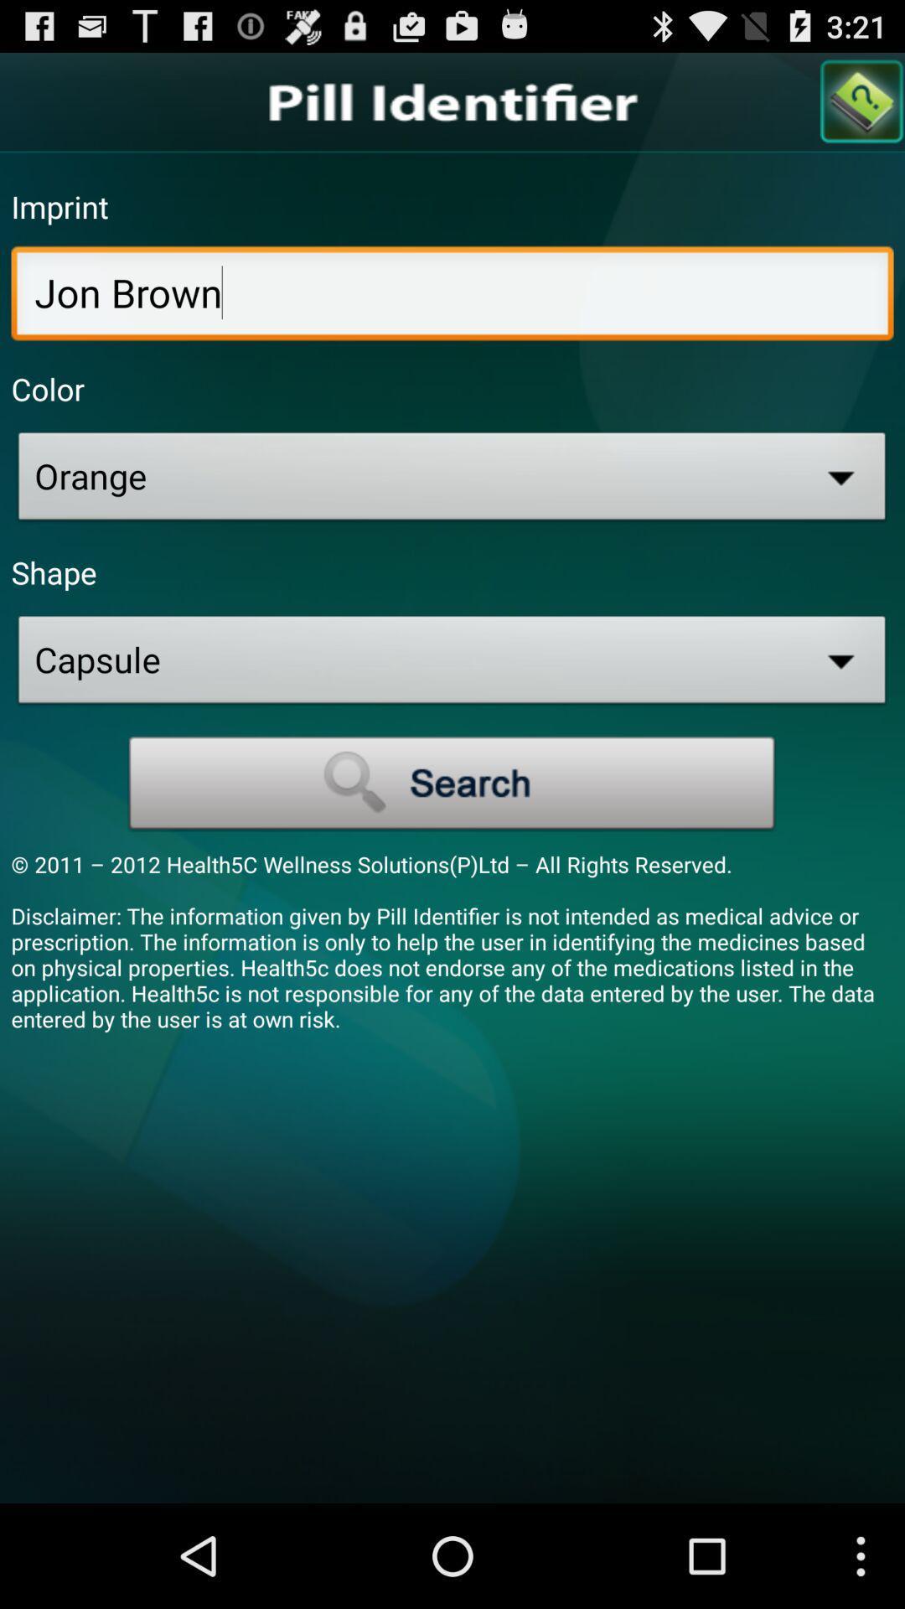 The image size is (905, 1609). I want to click on question icon, so click(862, 101).